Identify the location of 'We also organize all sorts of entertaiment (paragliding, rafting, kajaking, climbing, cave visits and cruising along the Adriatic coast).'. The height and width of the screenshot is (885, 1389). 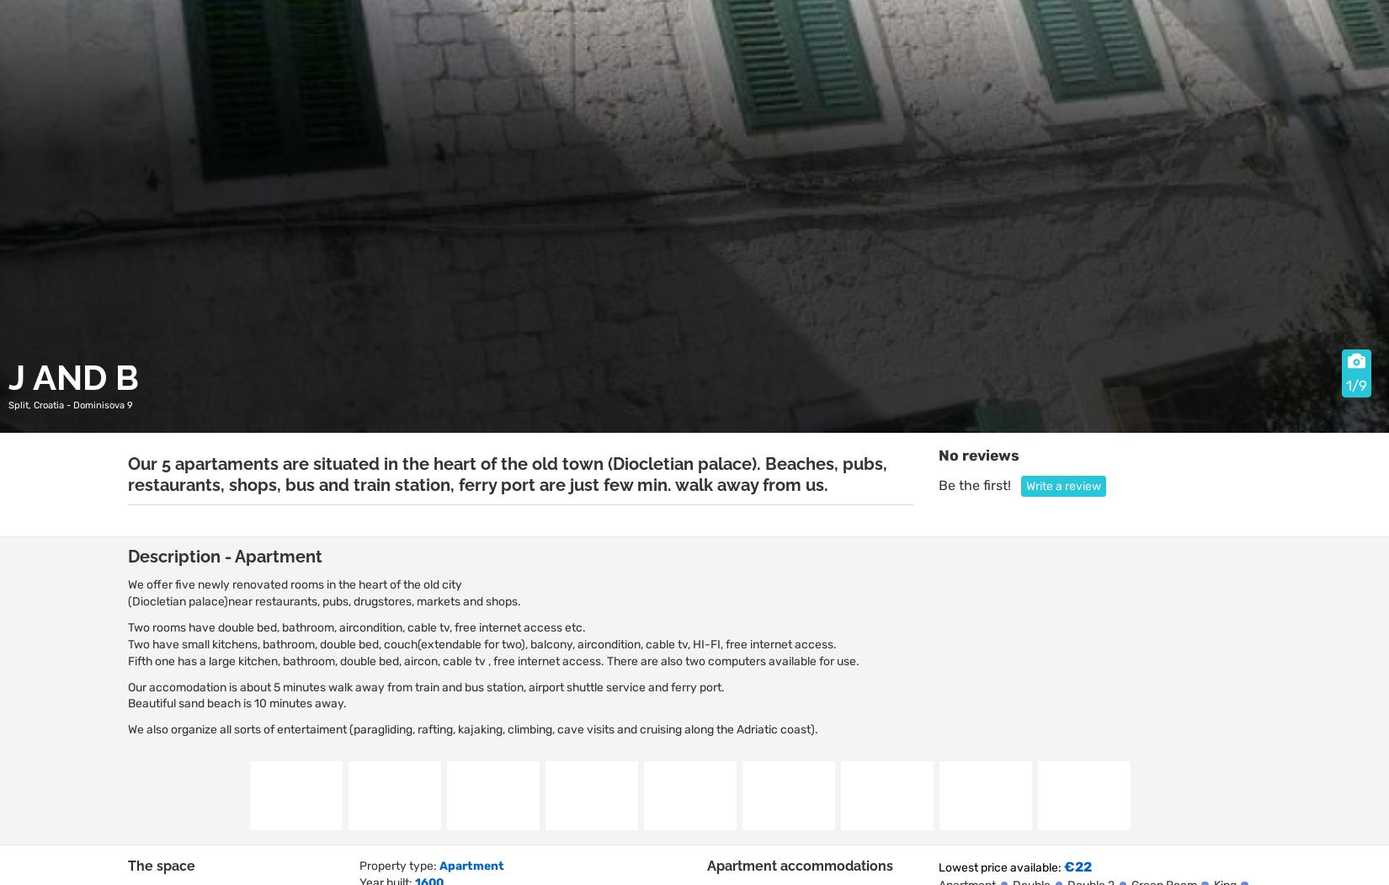
(471, 728).